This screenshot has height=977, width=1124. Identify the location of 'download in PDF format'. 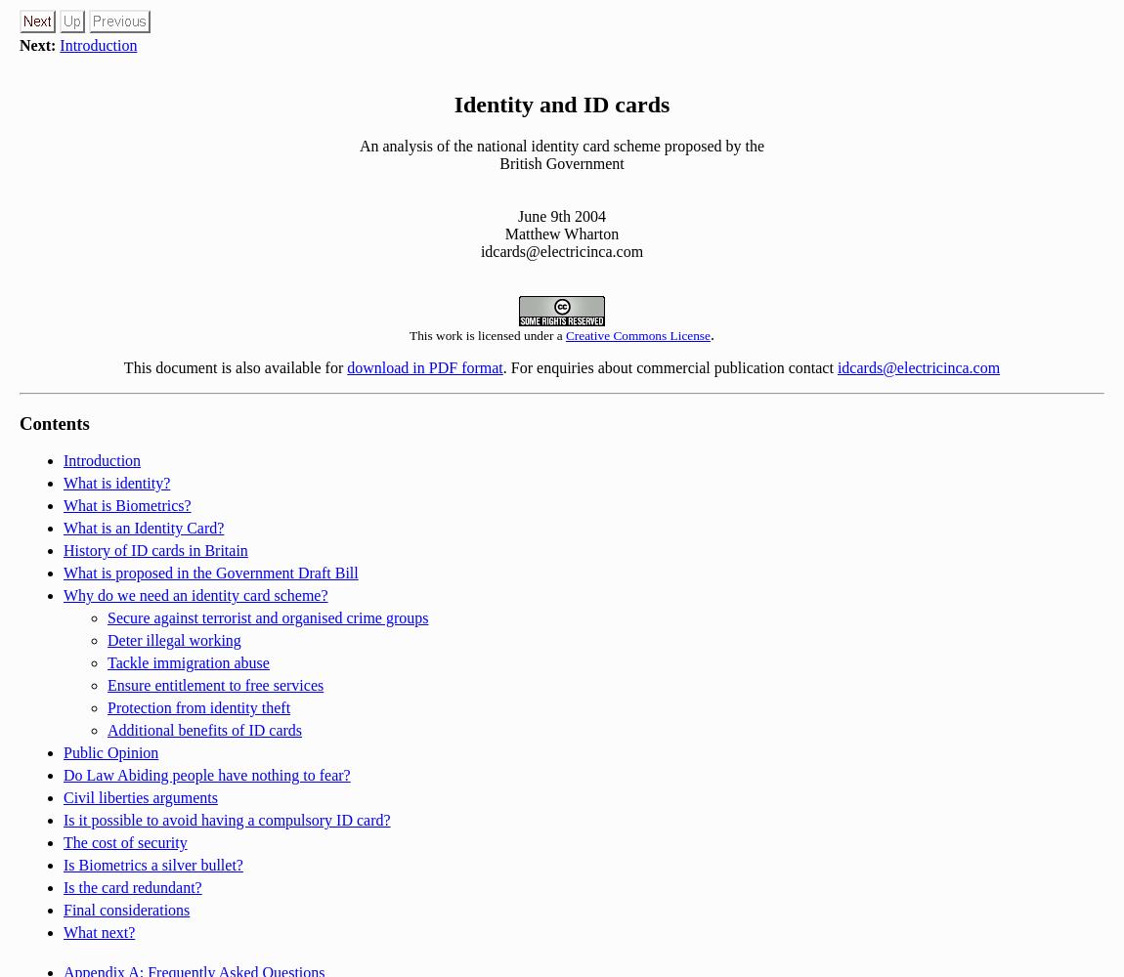
(424, 366).